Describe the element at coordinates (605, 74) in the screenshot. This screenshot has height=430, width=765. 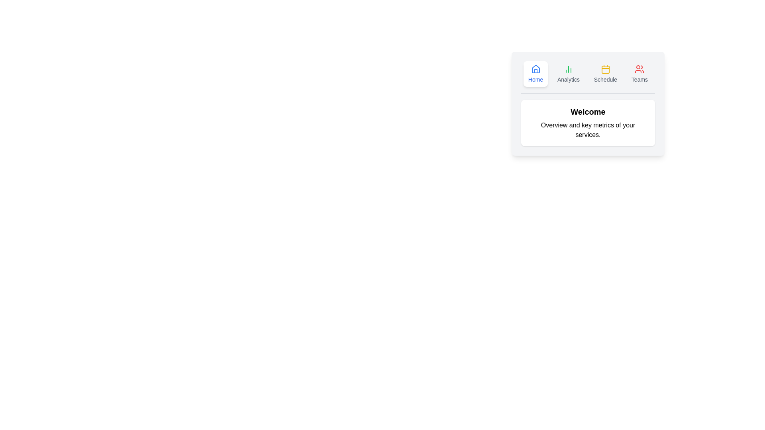
I see `the 'Schedule' button in the navigation bar, which features a calendar icon in bright yellow and the text 'Schedule' beneath it, to trigger the hover effect` at that location.